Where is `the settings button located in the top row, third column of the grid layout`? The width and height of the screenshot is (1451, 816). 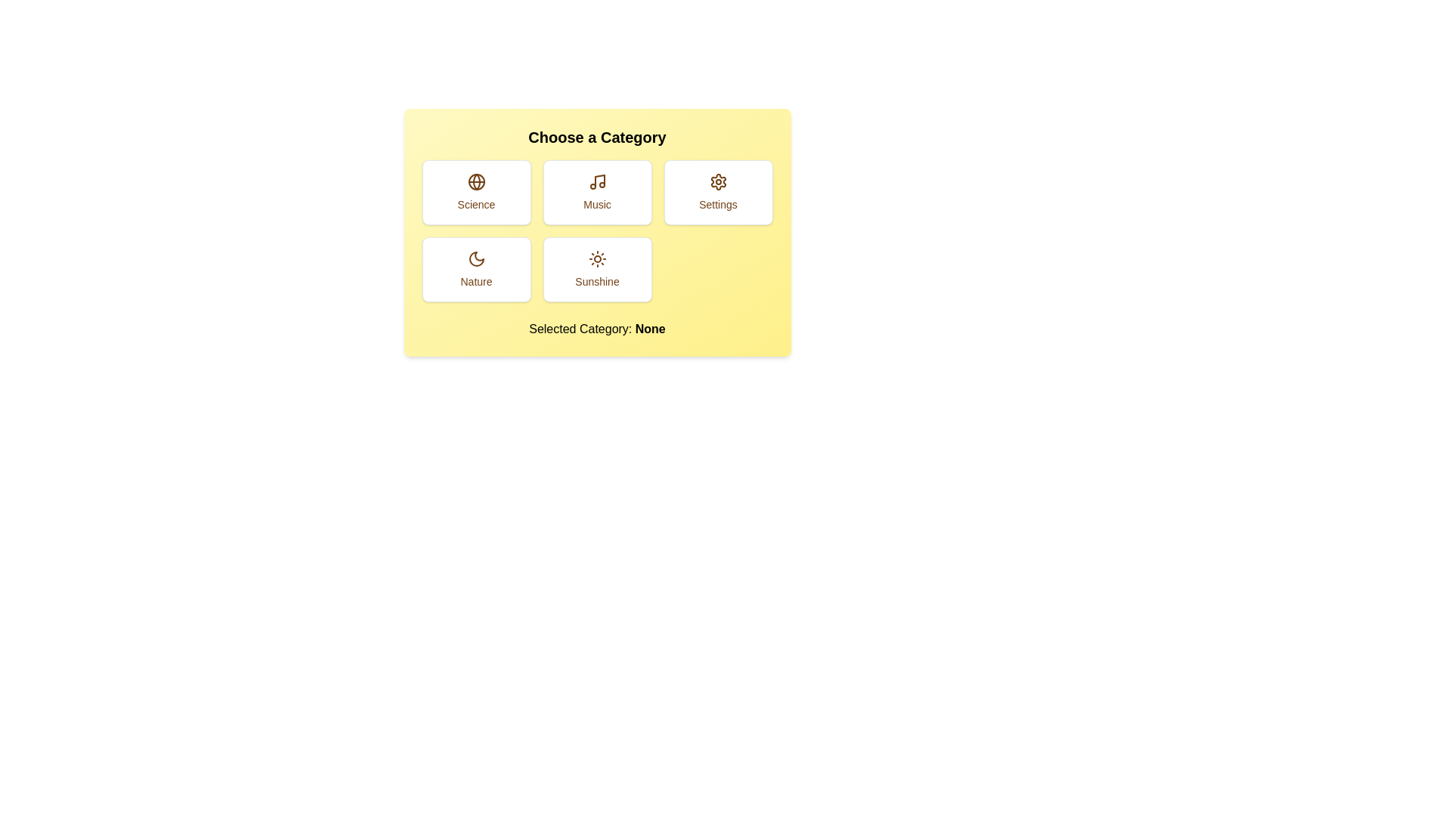
the settings button located in the top row, third column of the grid layout is located at coordinates (717, 191).